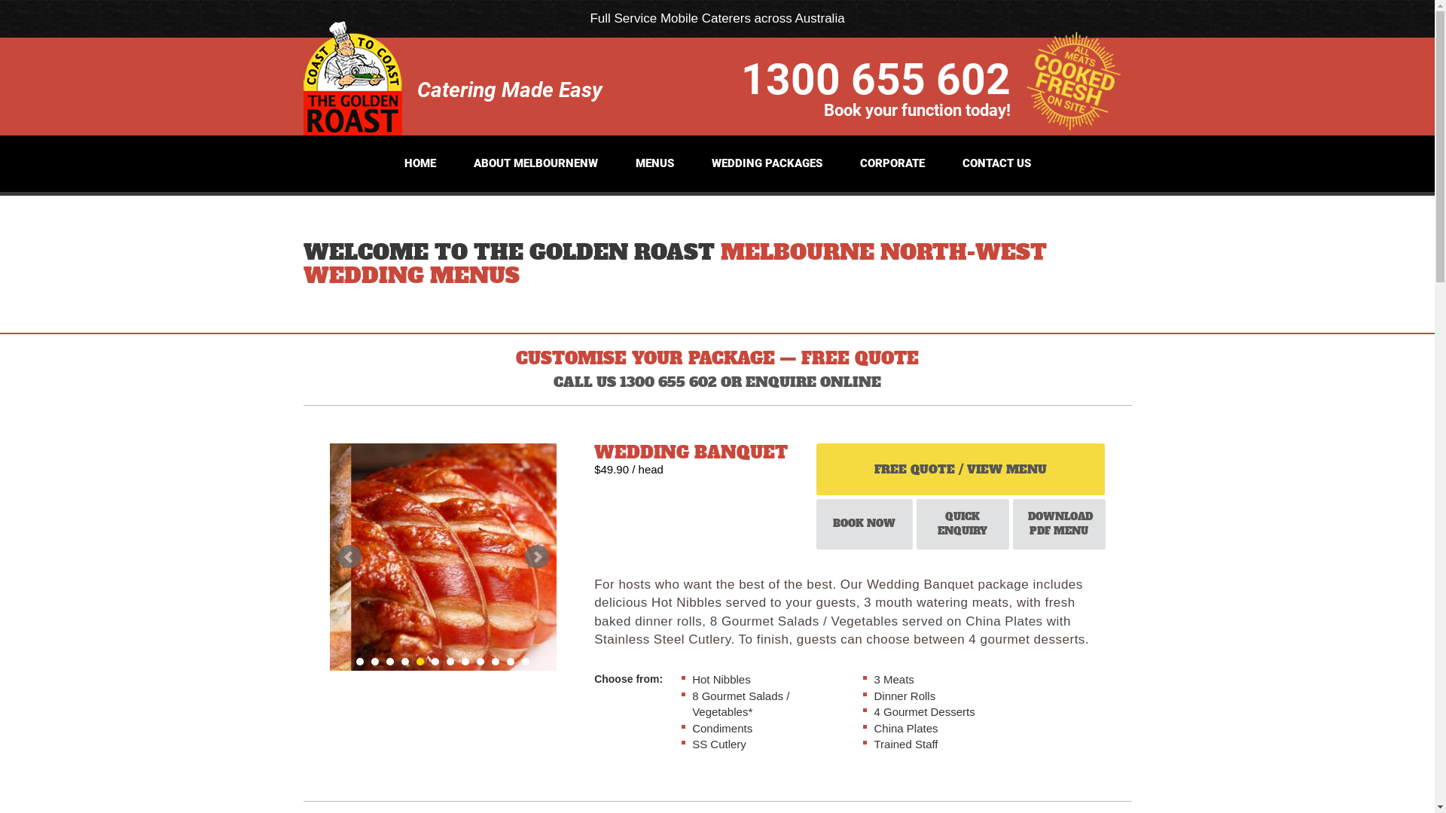 Image resolution: width=1446 pixels, height=813 pixels. Describe the element at coordinates (359, 661) in the screenshot. I see `'1'` at that location.